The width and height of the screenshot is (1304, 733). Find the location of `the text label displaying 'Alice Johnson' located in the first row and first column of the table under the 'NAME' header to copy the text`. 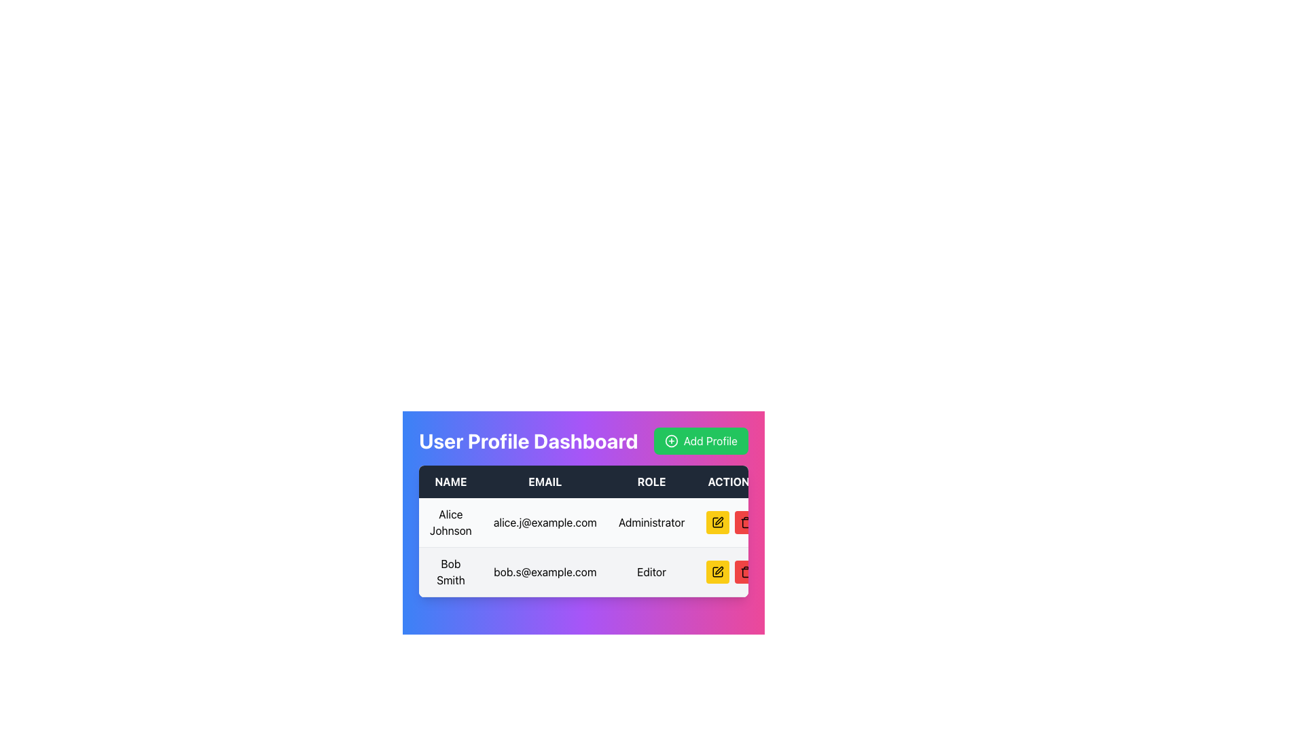

the text label displaying 'Alice Johnson' located in the first row and first column of the table under the 'NAME' header to copy the text is located at coordinates (450, 522).